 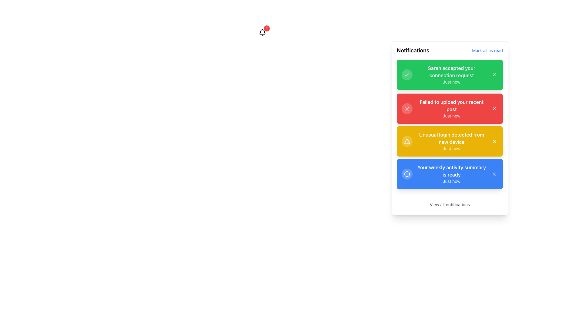 I want to click on the circular button with an 'X' icon located at the top-right corner of the blue notification card, so click(x=494, y=174).